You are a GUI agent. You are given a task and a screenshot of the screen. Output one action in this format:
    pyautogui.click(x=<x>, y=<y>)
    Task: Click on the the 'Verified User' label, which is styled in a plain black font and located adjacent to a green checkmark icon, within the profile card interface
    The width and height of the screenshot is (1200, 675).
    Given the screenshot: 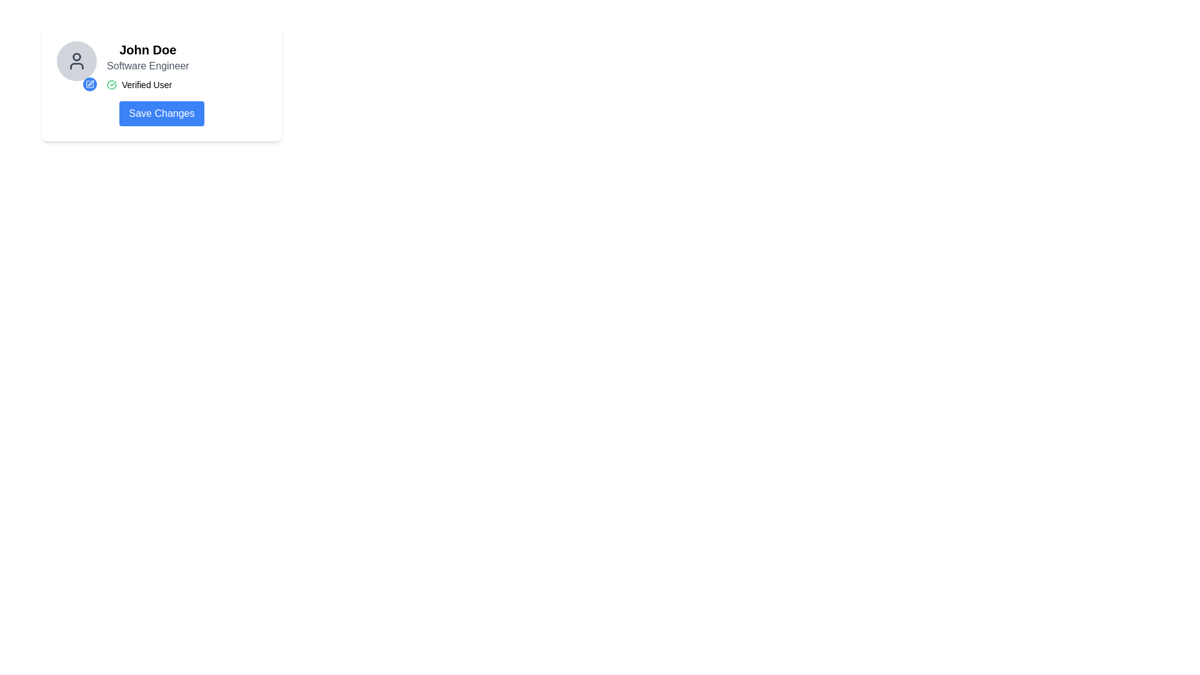 What is the action you would take?
    pyautogui.click(x=147, y=84)
    